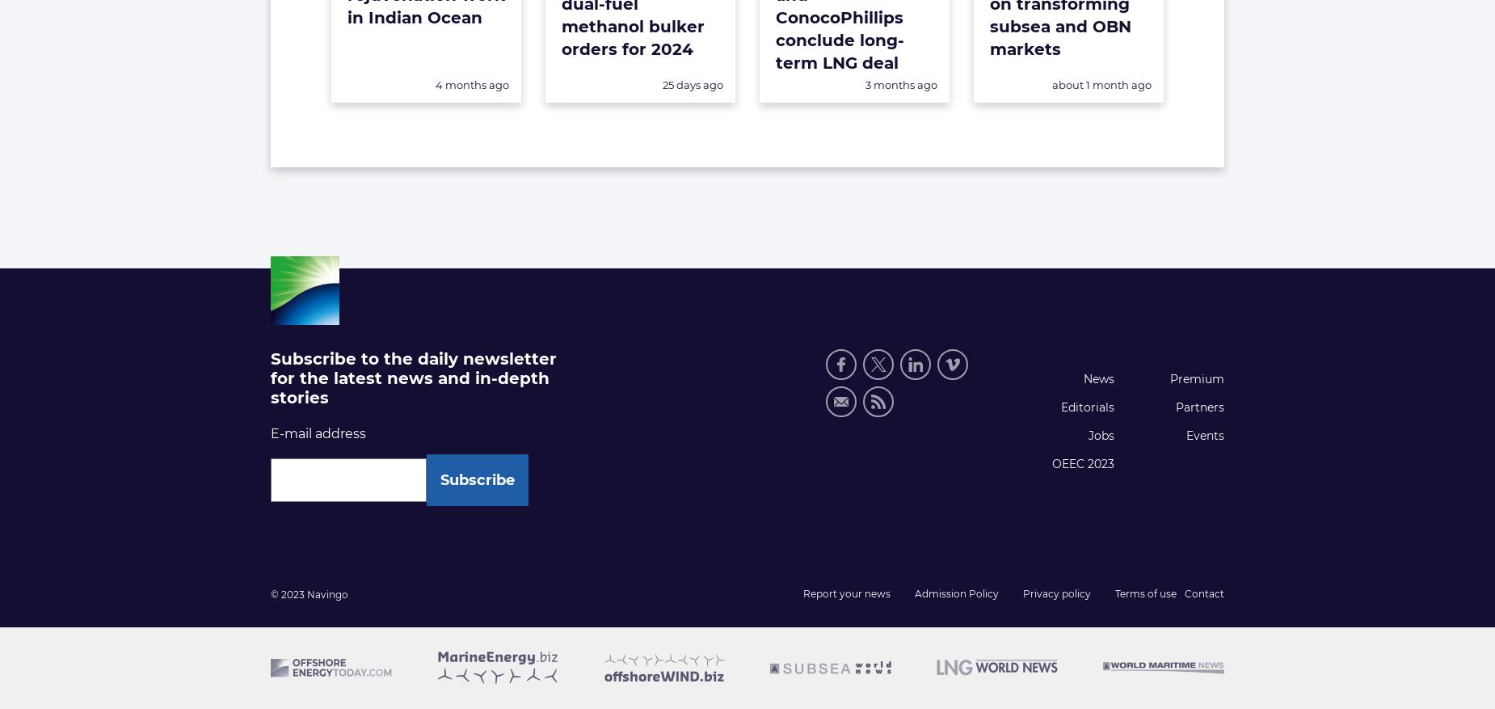 Image resolution: width=1495 pixels, height=709 pixels. I want to click on 'Premium', so click(1196, 378).